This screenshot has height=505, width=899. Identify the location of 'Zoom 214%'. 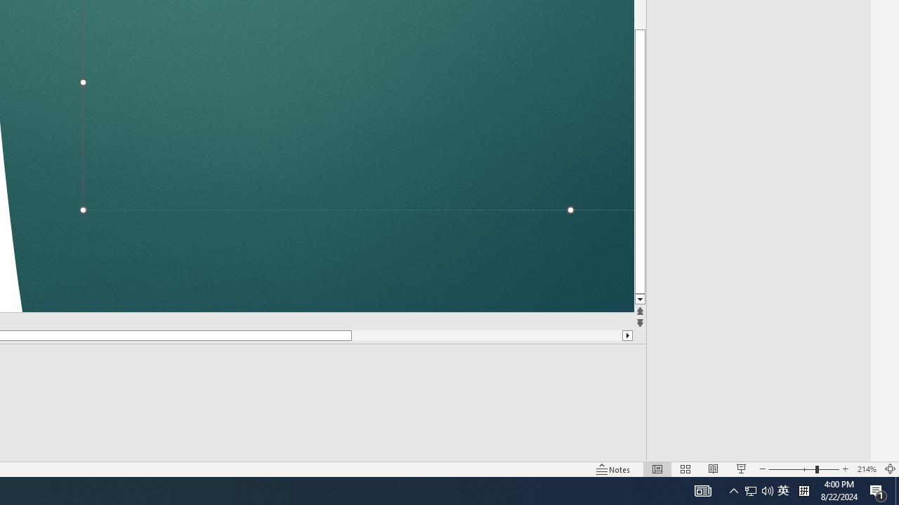
(866, 469).